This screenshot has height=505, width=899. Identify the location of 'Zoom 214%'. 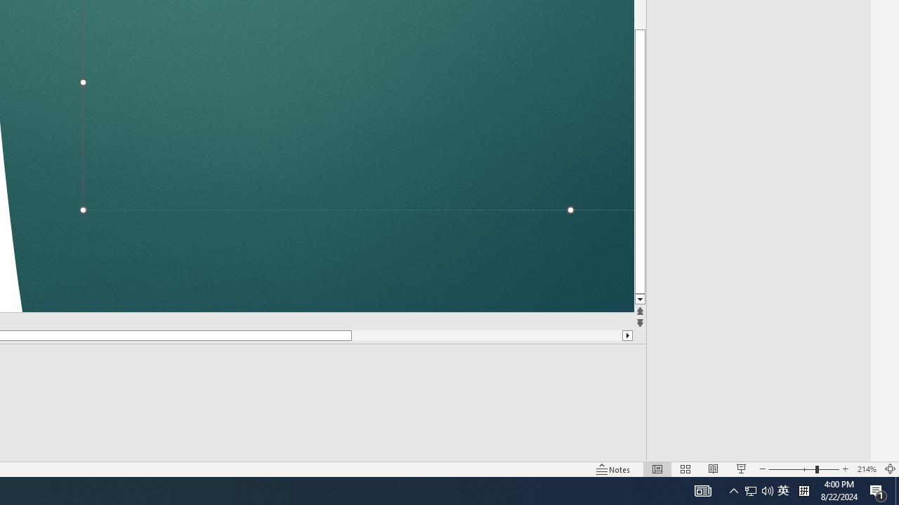
(866, 469).